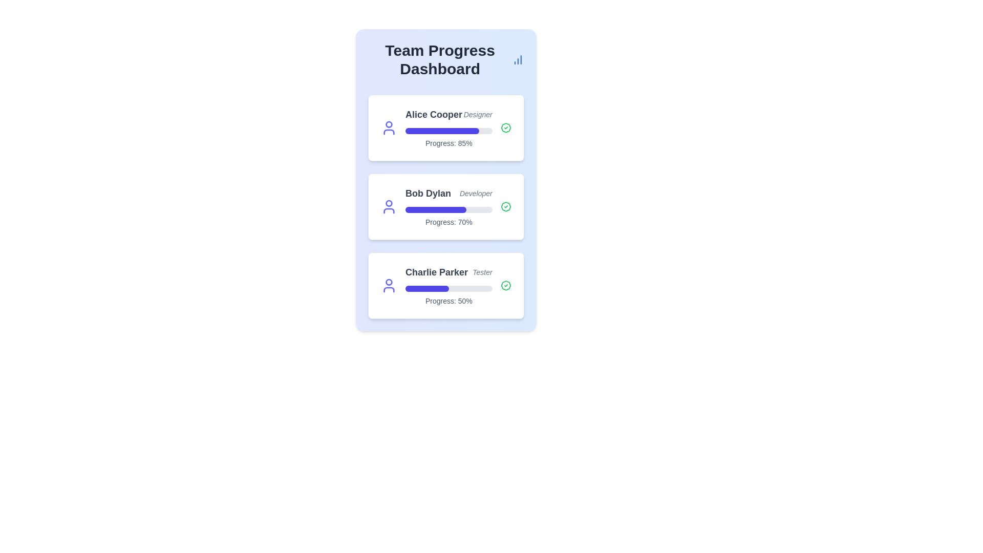 This screenshot has height=553, width=983. I want to click on text label that identifies the team member as 'Charlie Parker', which is prominently displayed in a large, bolded dark gray font on the third card of the dashboard, so click(437, 272).